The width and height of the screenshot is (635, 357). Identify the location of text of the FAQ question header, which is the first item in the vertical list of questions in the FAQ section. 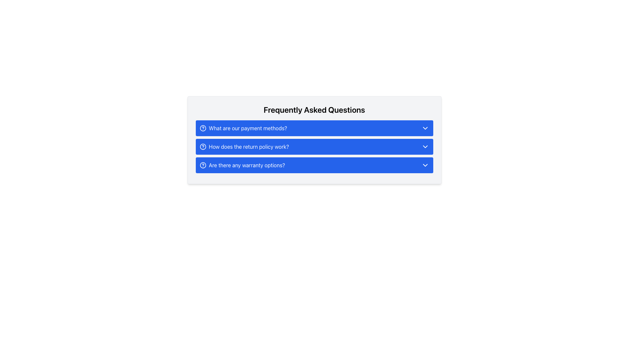
(247, 128).